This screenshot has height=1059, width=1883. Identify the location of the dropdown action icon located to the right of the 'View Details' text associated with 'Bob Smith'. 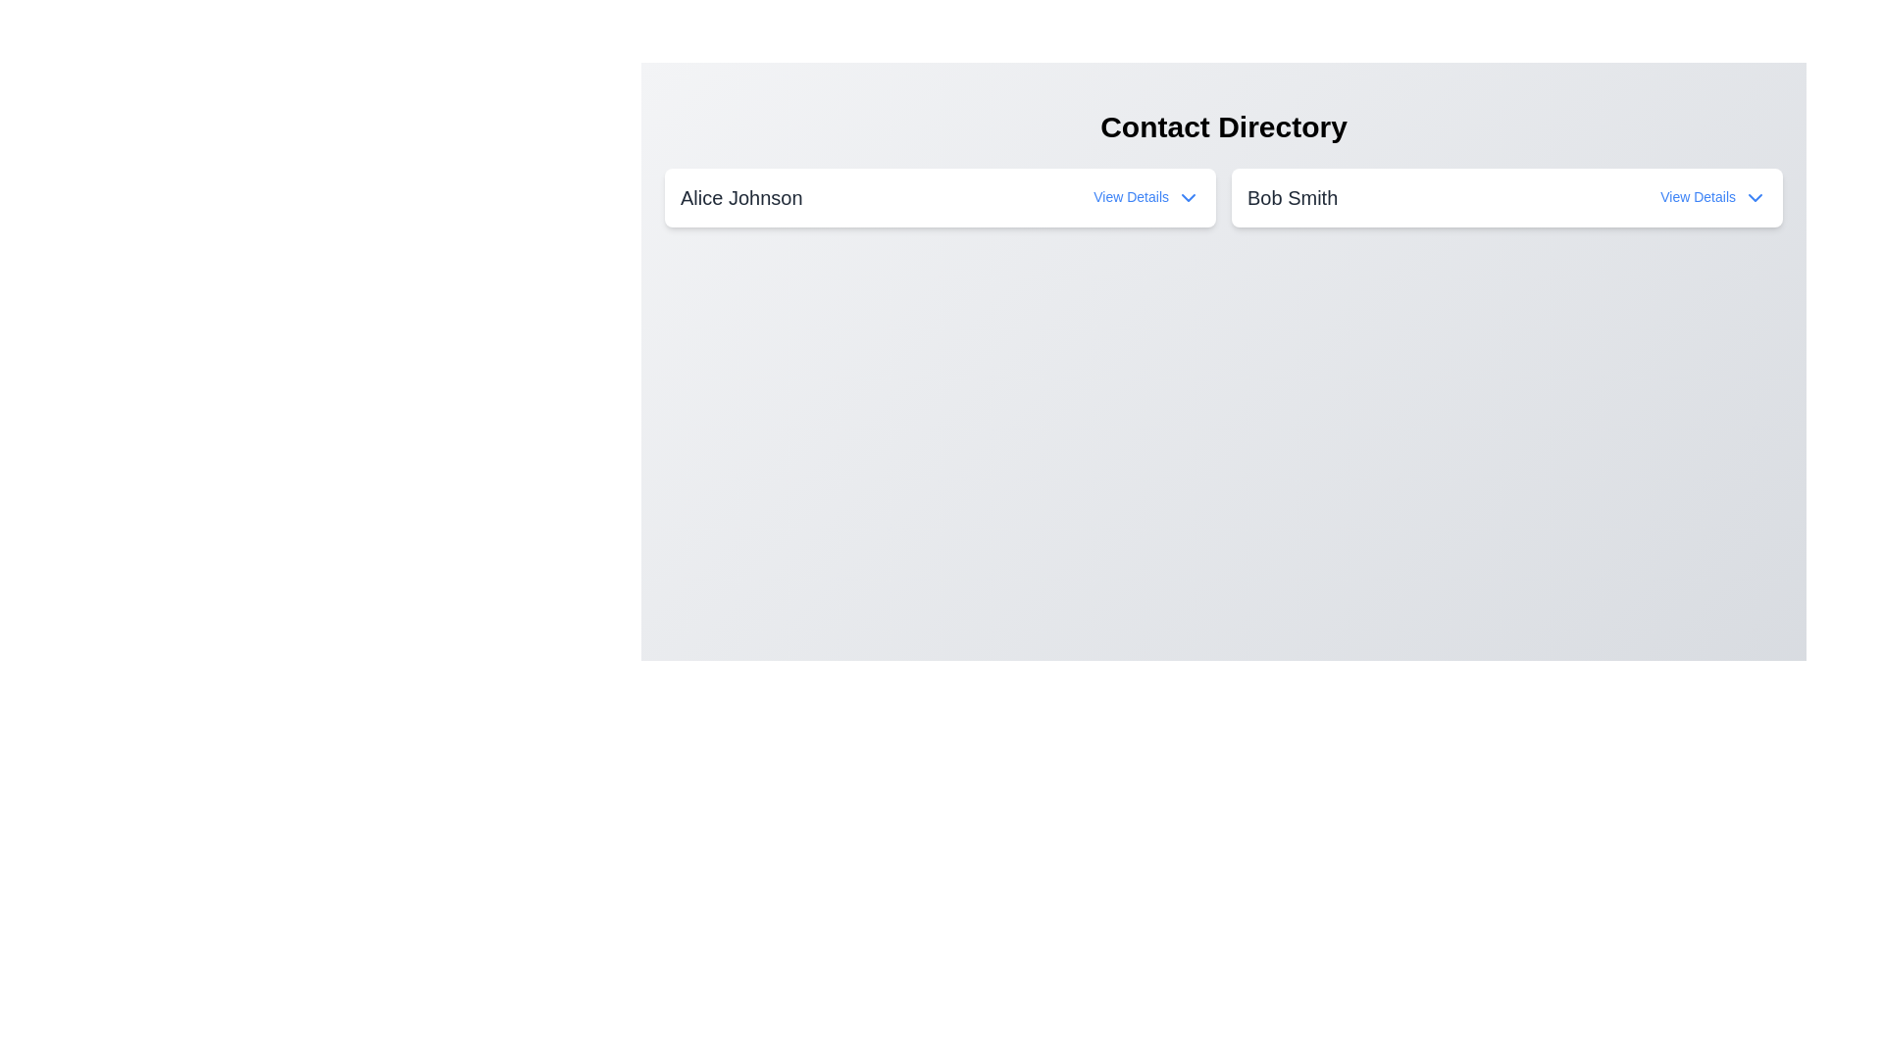
(1756, 197).